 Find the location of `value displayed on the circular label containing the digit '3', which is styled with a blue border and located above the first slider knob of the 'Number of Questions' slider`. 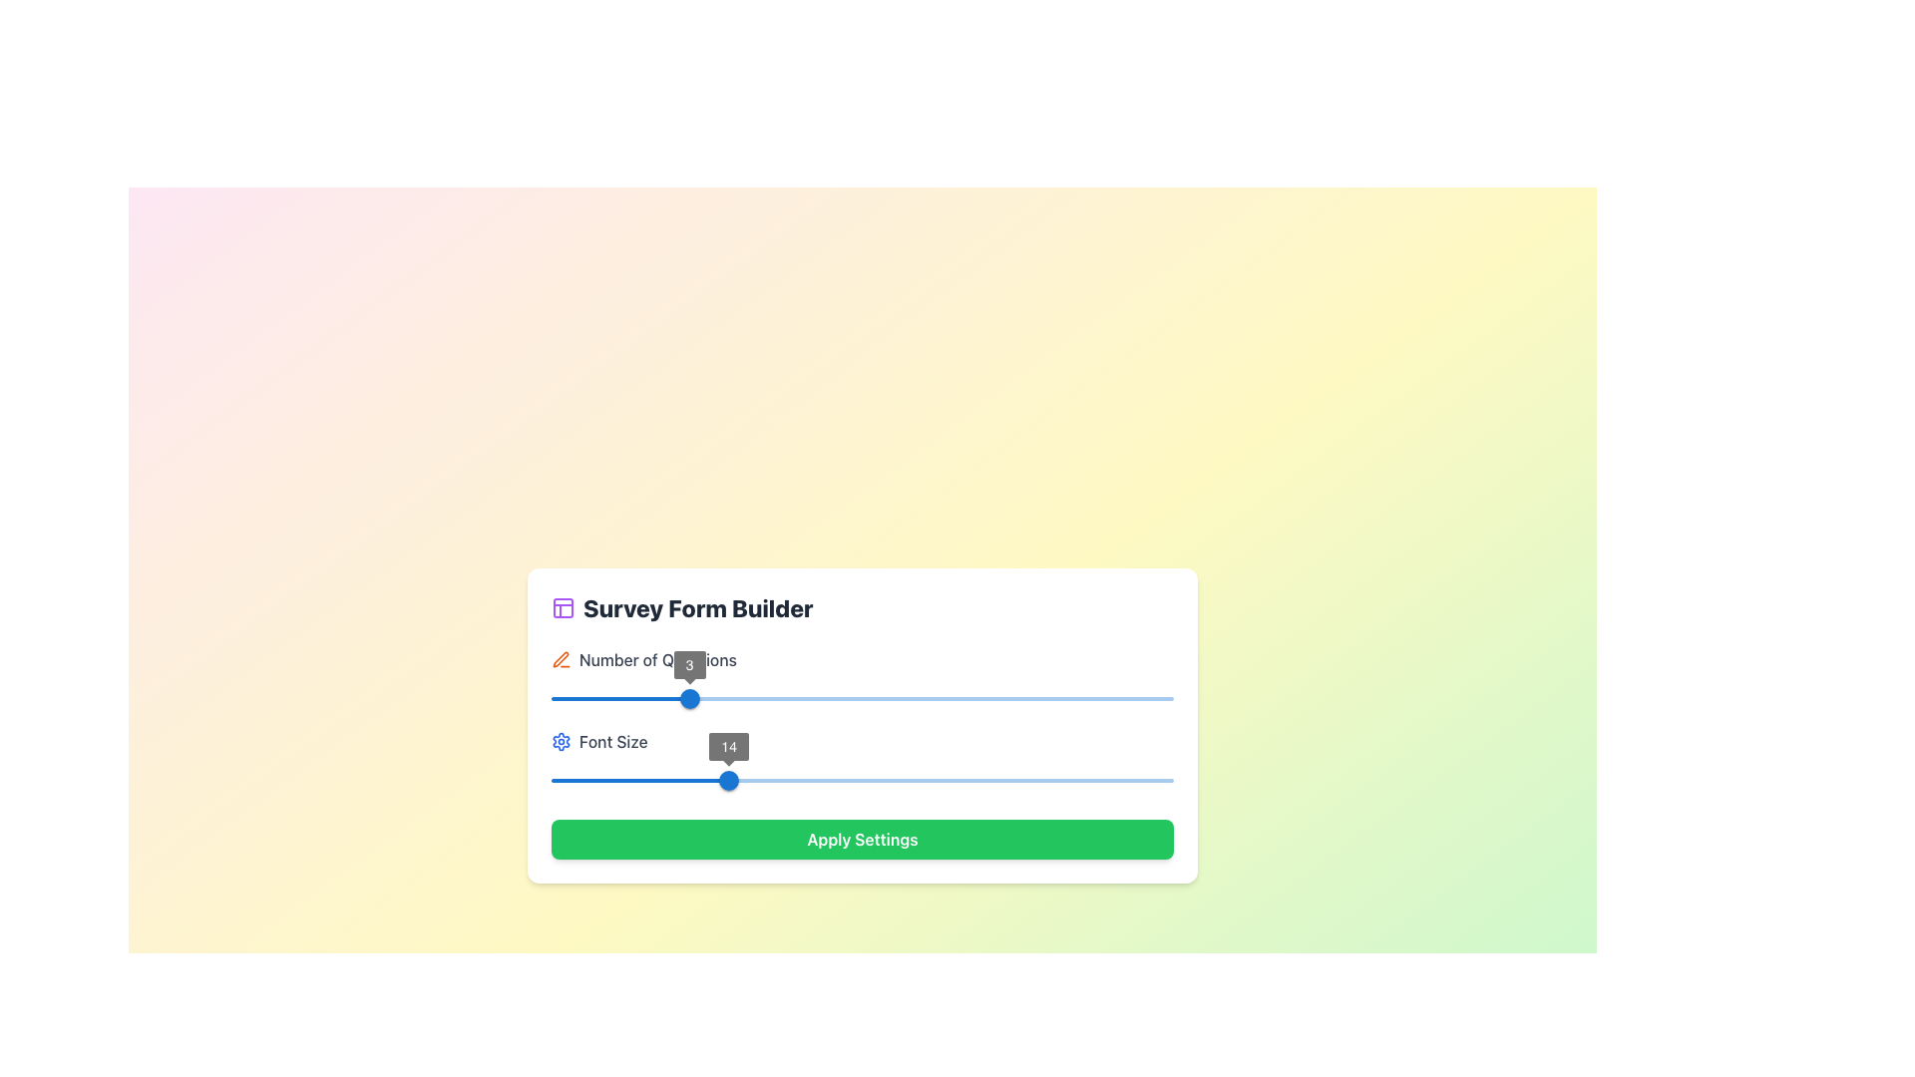

value displayed on the circular label containing the digit '3', which is styled with a blue border and located above the first slider knob of the 'Number of Questions' slider is located at coordinates (689, 665).